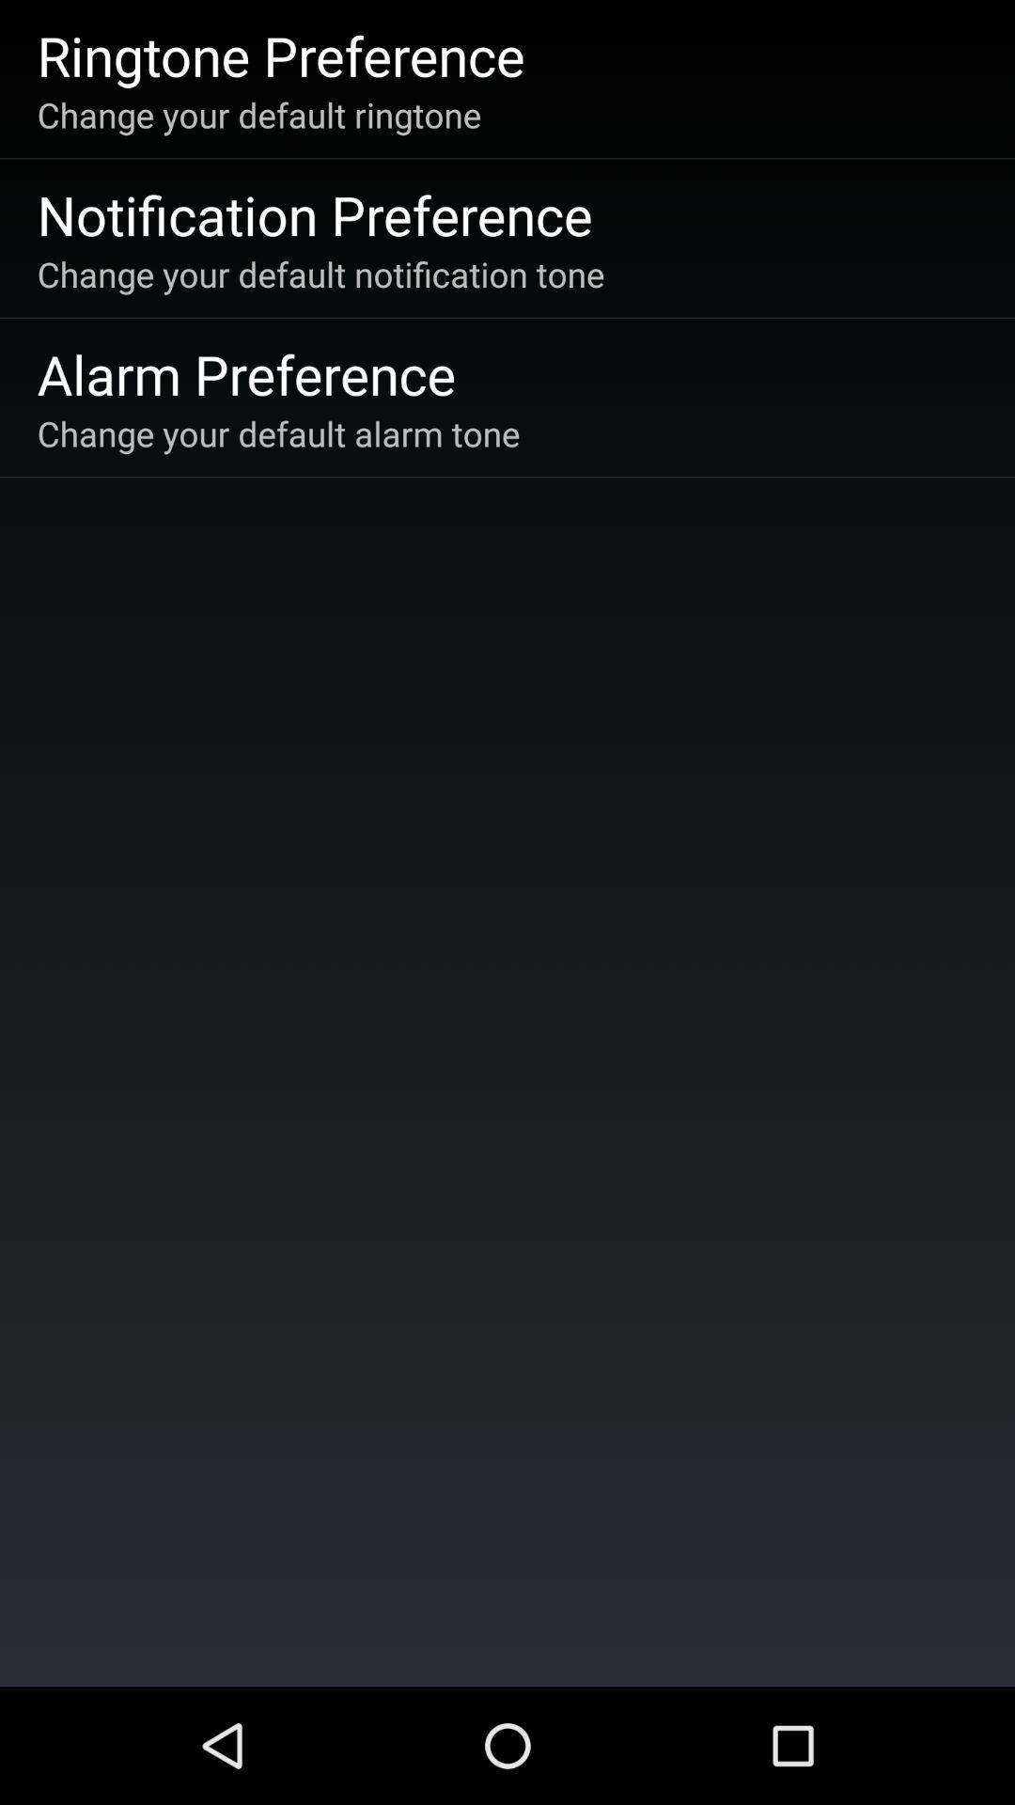  What do you see at coordinates (314, 214) in the screenshot?
I see `the app below the change your default` at bounding box center [314, 214].